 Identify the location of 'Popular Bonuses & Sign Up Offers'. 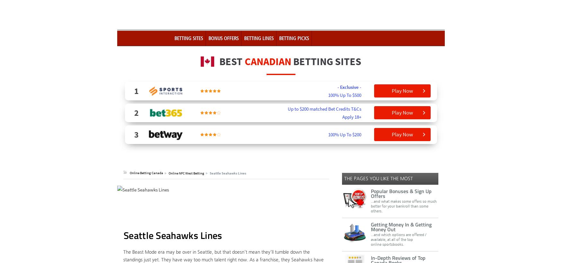
(371, 193).